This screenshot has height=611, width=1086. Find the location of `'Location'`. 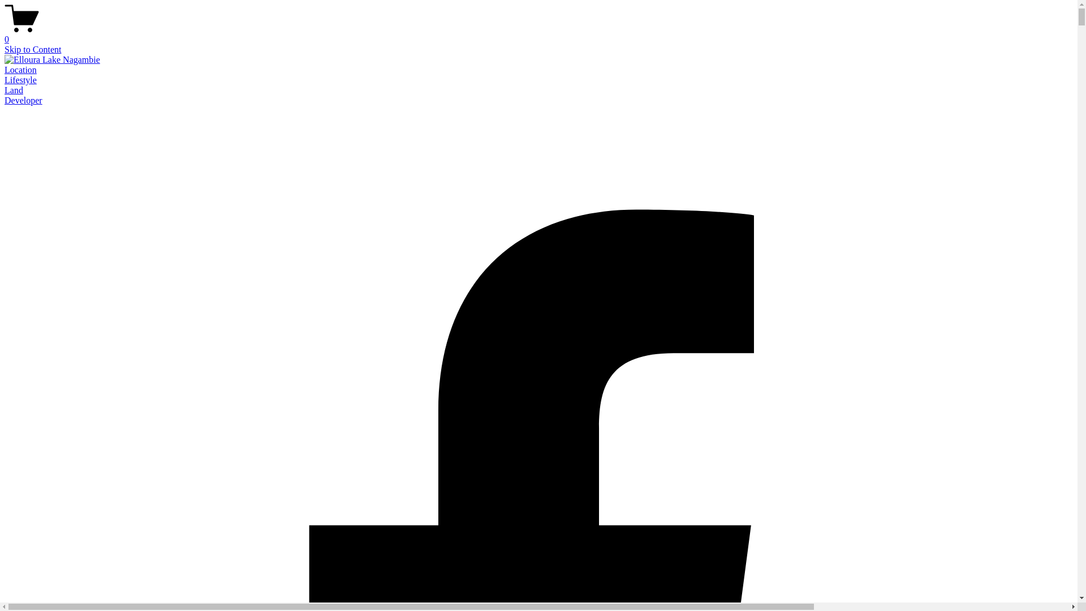

'Location' is located at coordinates (20, 70).